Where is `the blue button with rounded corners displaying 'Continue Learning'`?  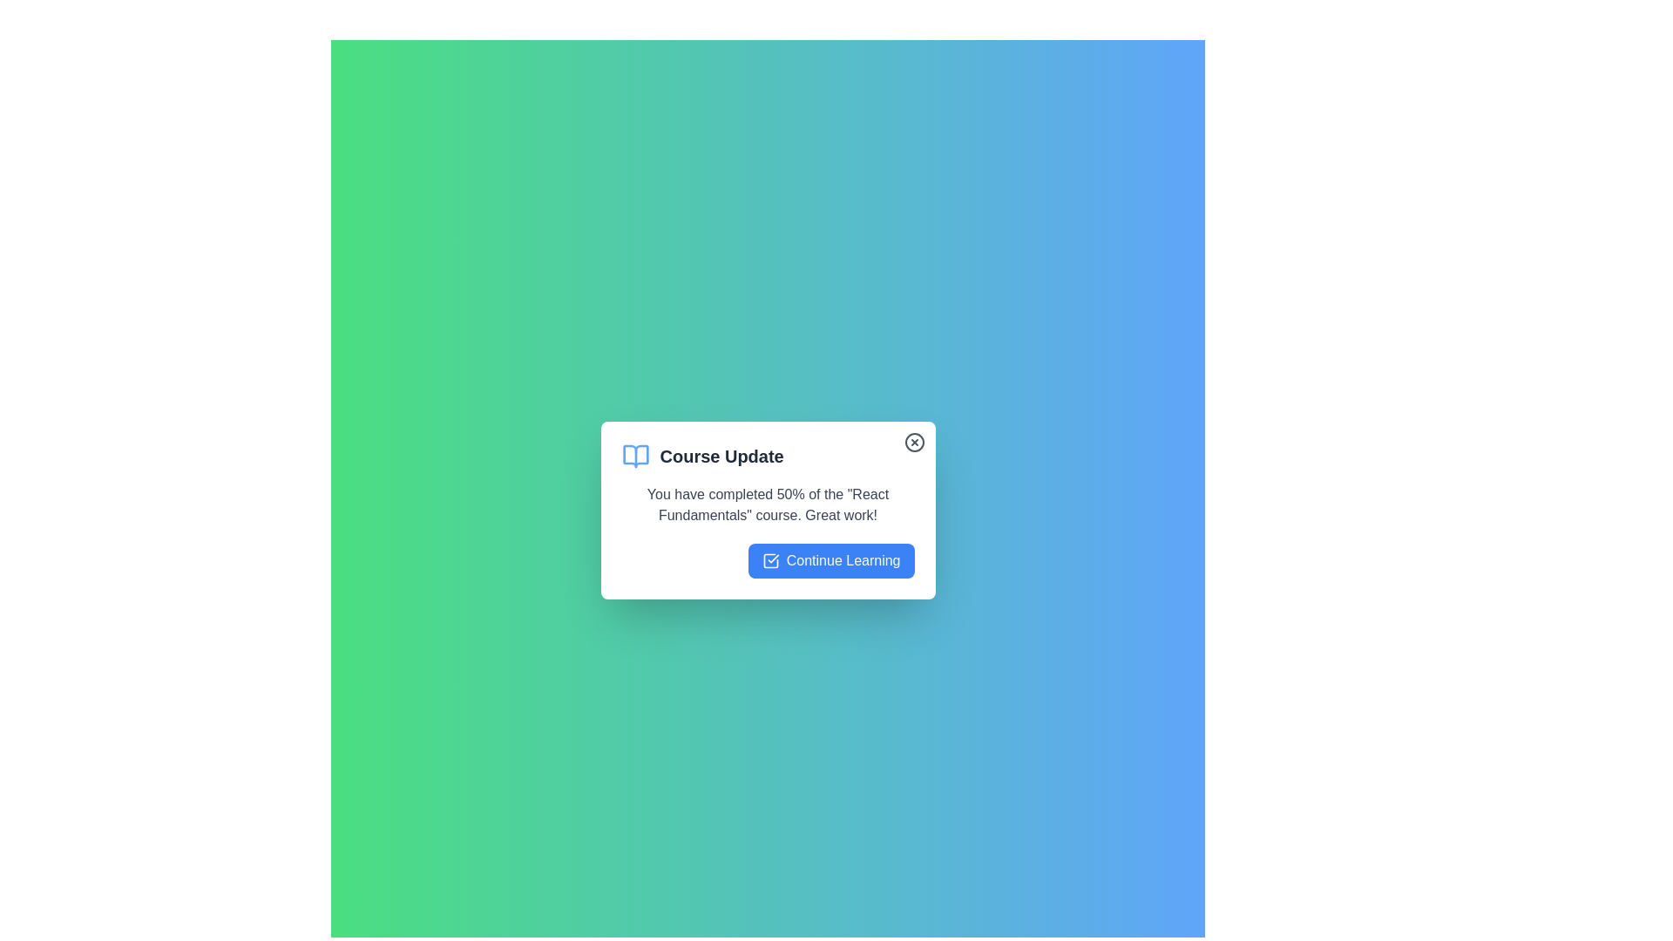
the blue button with rounded corners displaying 'Continue Learning' is located at coordinates (830, 561).